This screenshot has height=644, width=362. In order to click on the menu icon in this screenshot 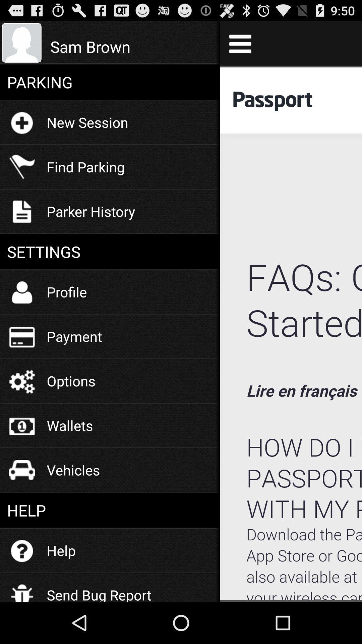, I will do `click(240, 46)`.